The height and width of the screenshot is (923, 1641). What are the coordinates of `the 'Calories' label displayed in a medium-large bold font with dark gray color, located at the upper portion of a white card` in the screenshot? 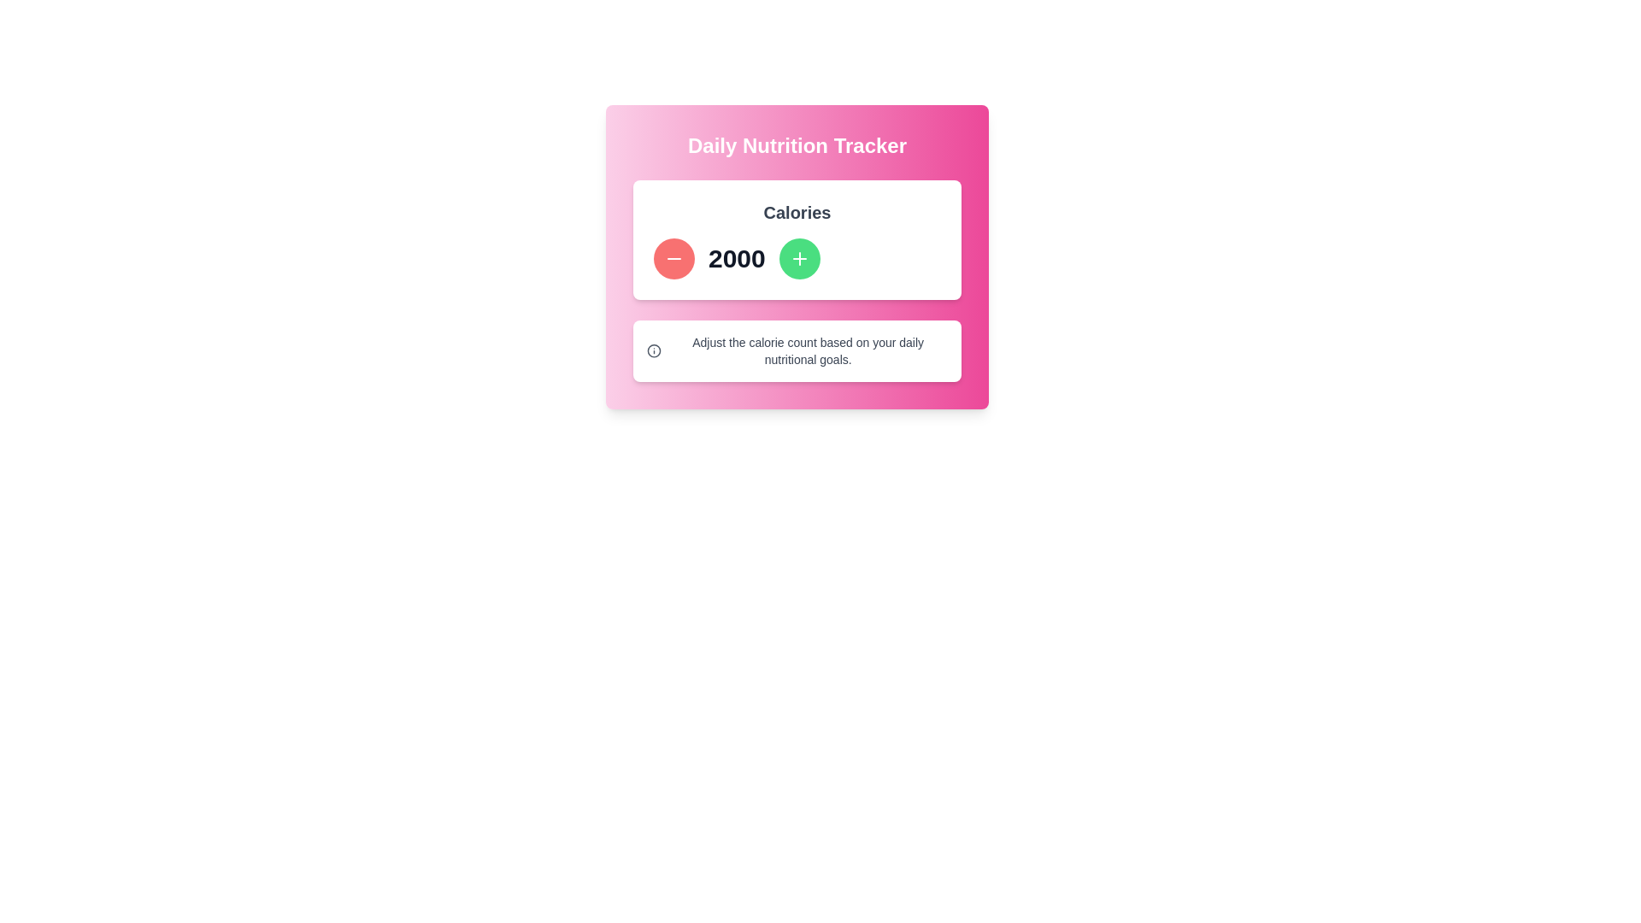 It's located at (796, 212).